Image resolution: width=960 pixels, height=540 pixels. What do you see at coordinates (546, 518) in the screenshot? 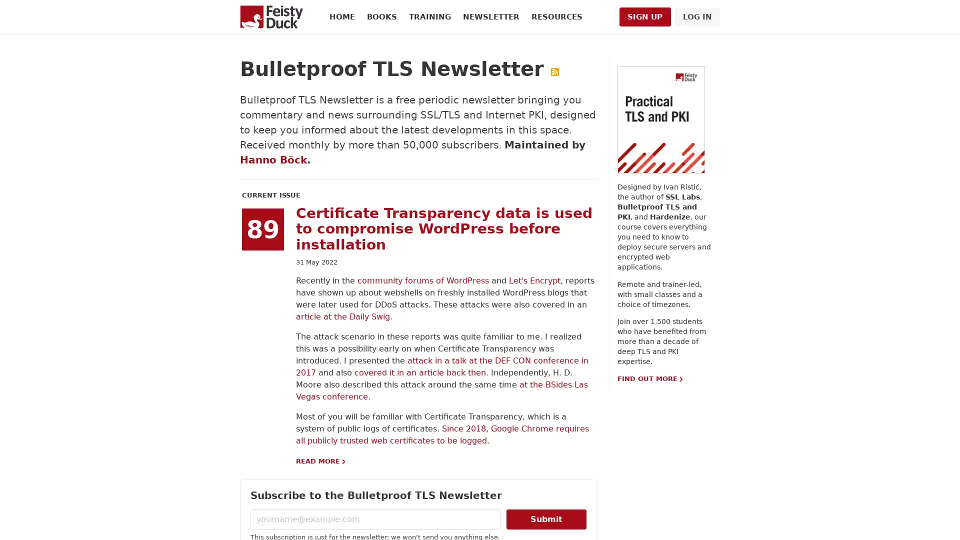
I see `Submit` at bounding box center [546, 518].